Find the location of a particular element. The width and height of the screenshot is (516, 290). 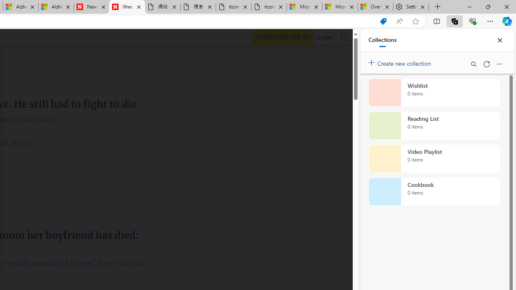

'Video Playlist collection, 0 items' is located at coordinates (434, 159).